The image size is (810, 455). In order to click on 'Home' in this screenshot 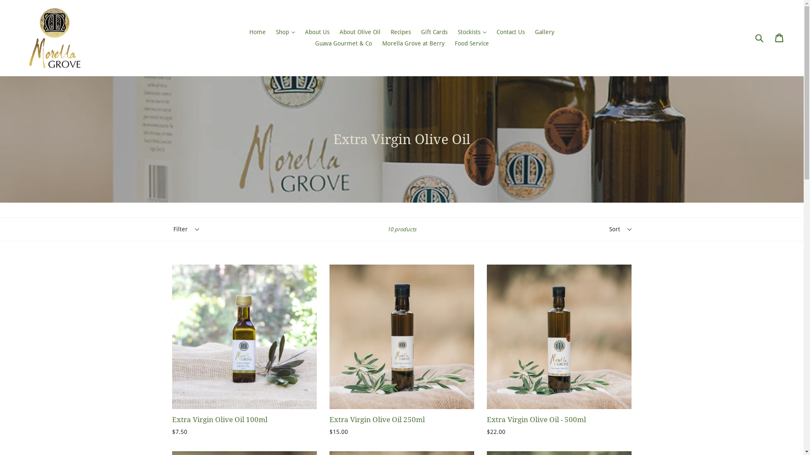, I will do `click(257, 32)`.